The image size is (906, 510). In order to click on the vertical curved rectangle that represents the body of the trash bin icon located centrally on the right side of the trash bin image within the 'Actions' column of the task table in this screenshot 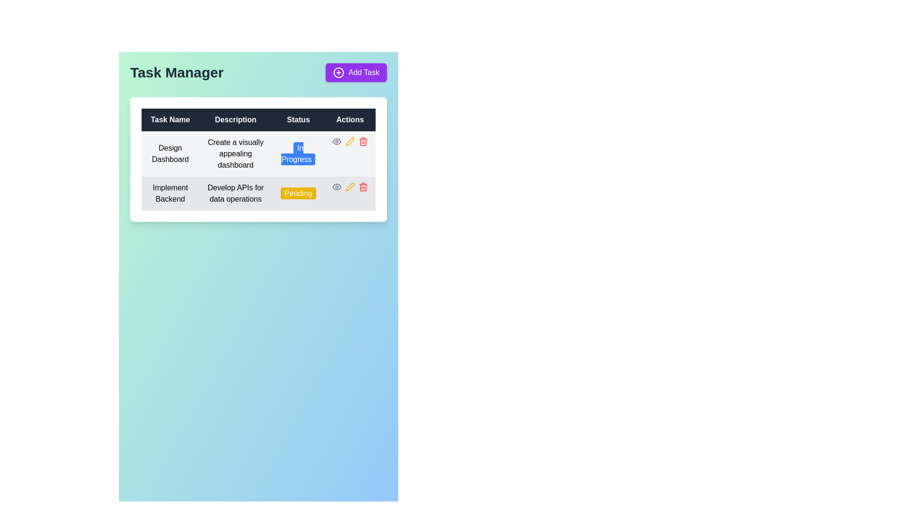, I will do `click(362, 187)`.